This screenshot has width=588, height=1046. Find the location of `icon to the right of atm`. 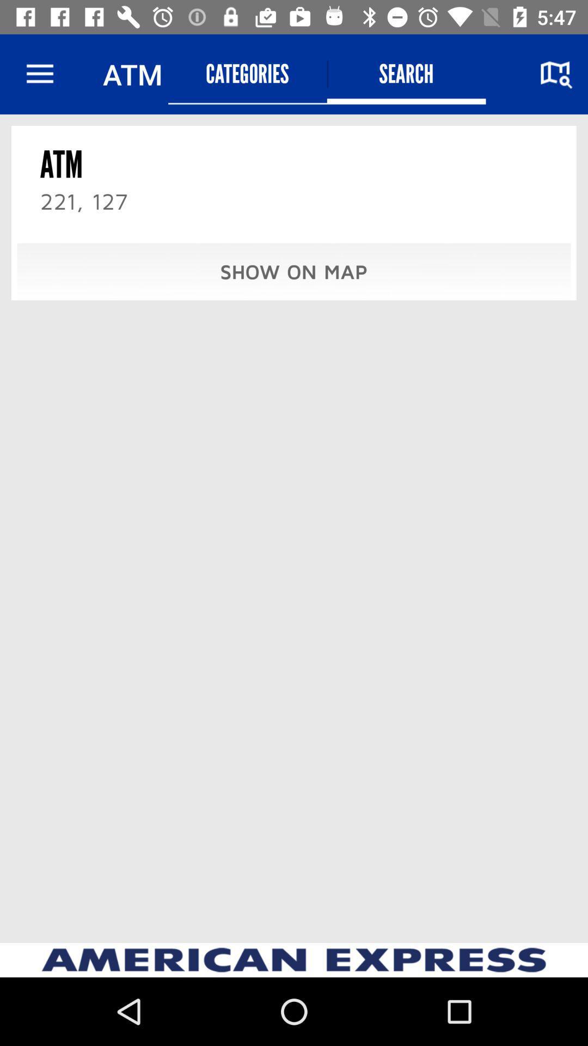

icon to the right of atm is located at coordinates (247, 74).